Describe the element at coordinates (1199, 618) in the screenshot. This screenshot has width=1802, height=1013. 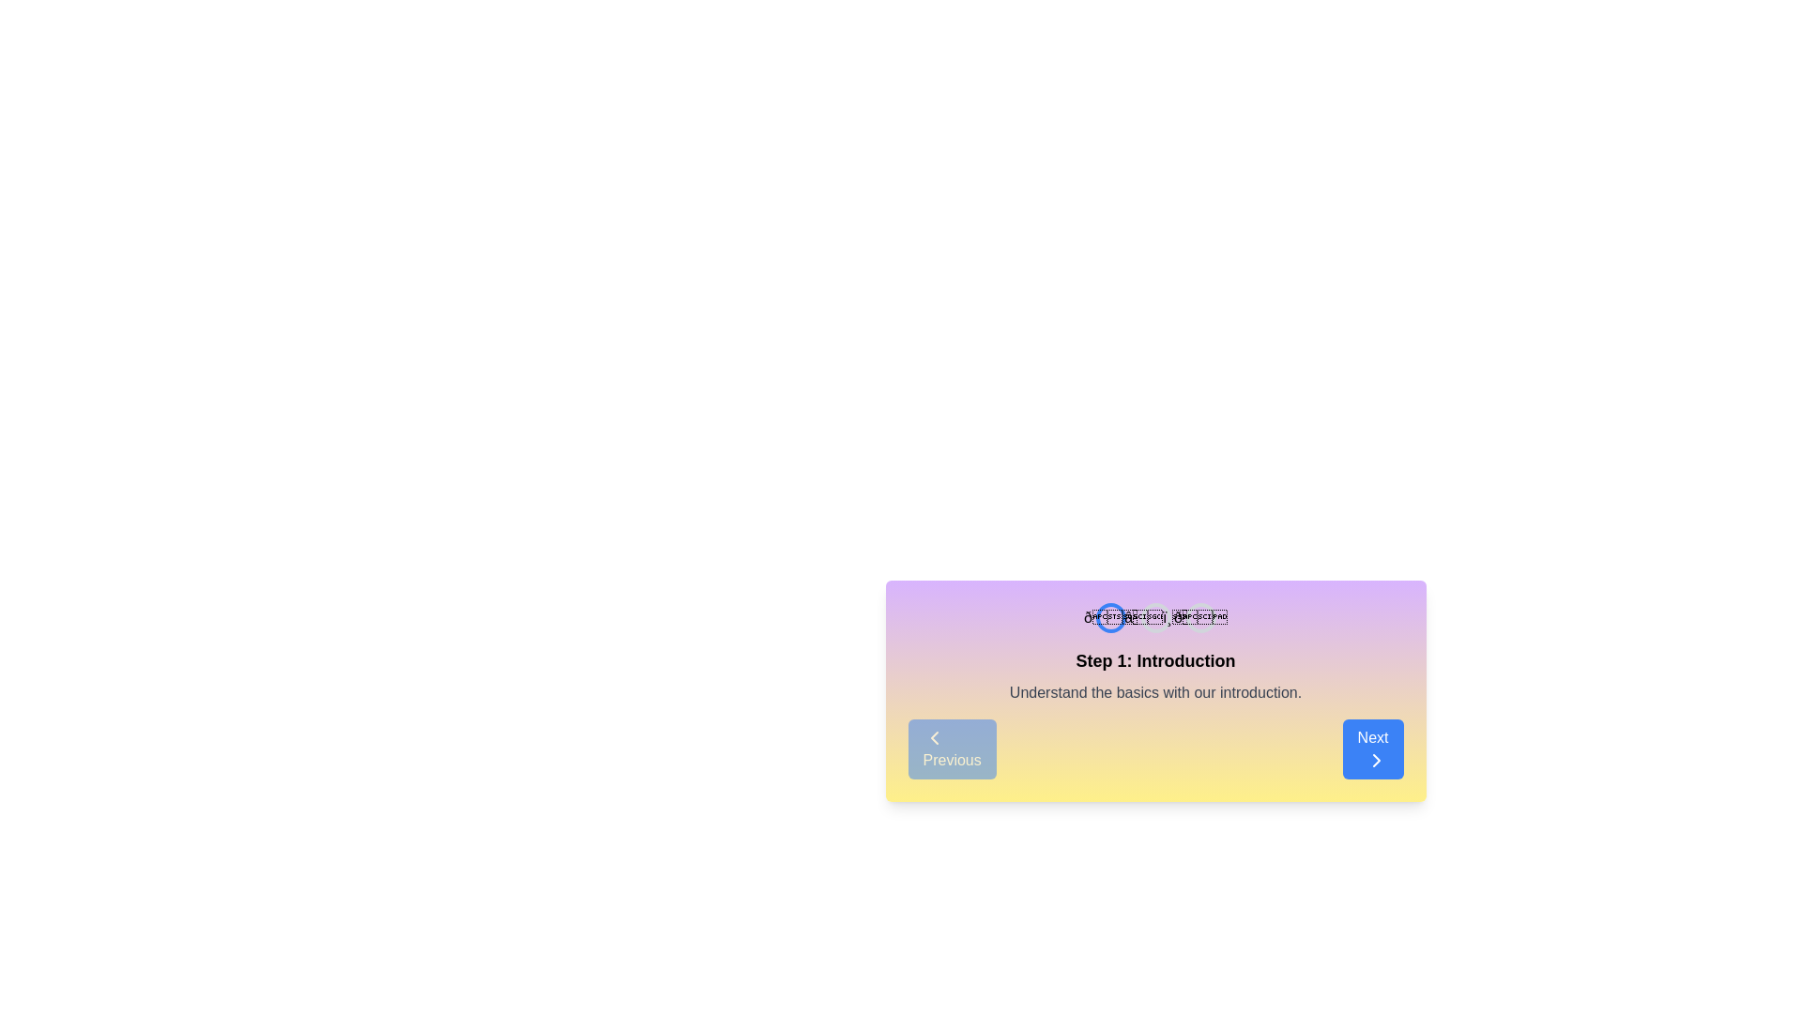
I see `the circular button with a gray border and a rocket emoji (🚀) located in the bottom section of a modal-like interface, positioned to the right of two other buttons with different emojis` at that location.